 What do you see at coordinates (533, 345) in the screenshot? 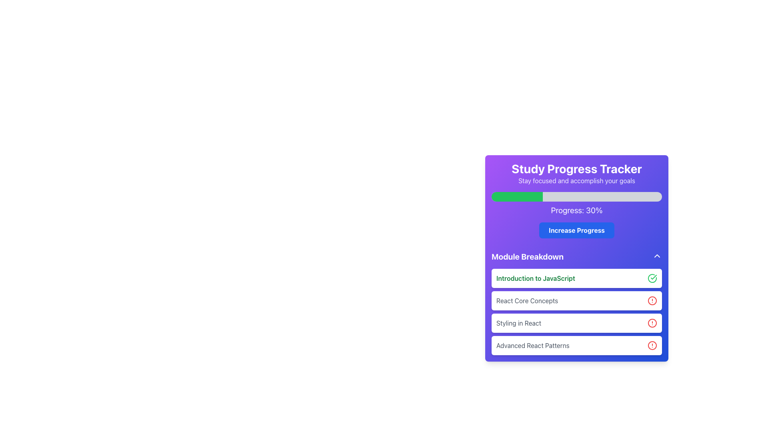
I see `the static text label indicating a module or topic title within the study progress tracker, located in the lower part of the card under 'Module Breakdown'` at bounding box center [533, 345].